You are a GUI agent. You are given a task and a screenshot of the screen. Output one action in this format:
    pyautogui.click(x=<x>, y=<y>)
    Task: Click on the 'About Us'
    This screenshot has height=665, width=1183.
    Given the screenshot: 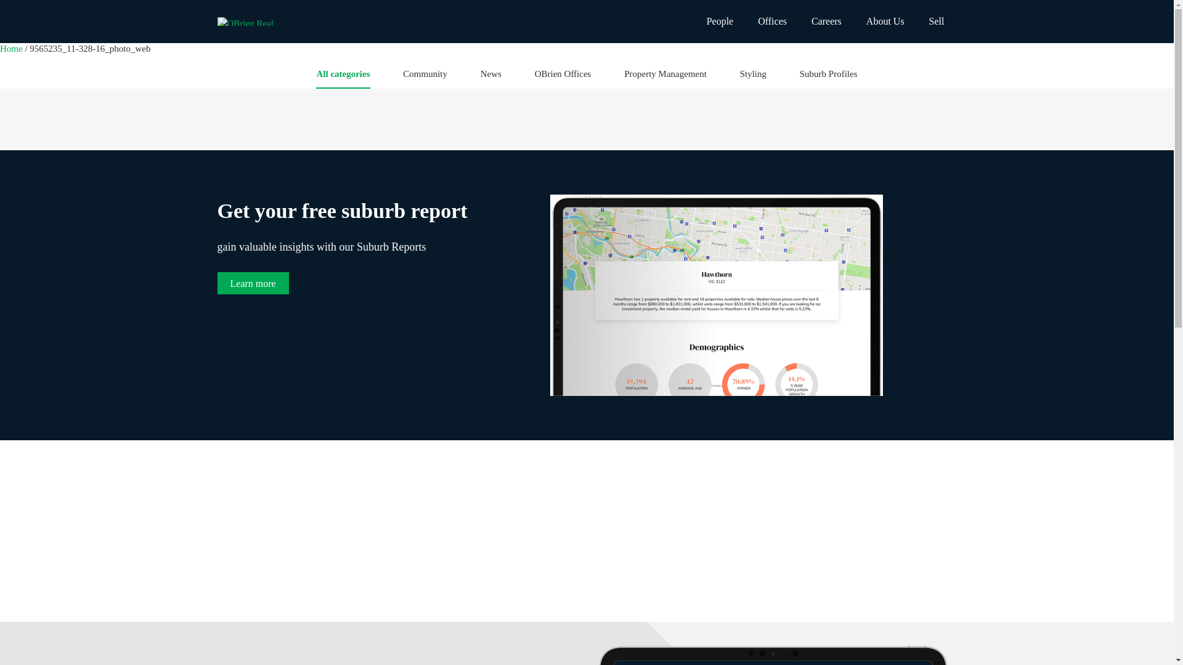 What is the action you would take?
    pyautogui.click(x=853, y=21)
    